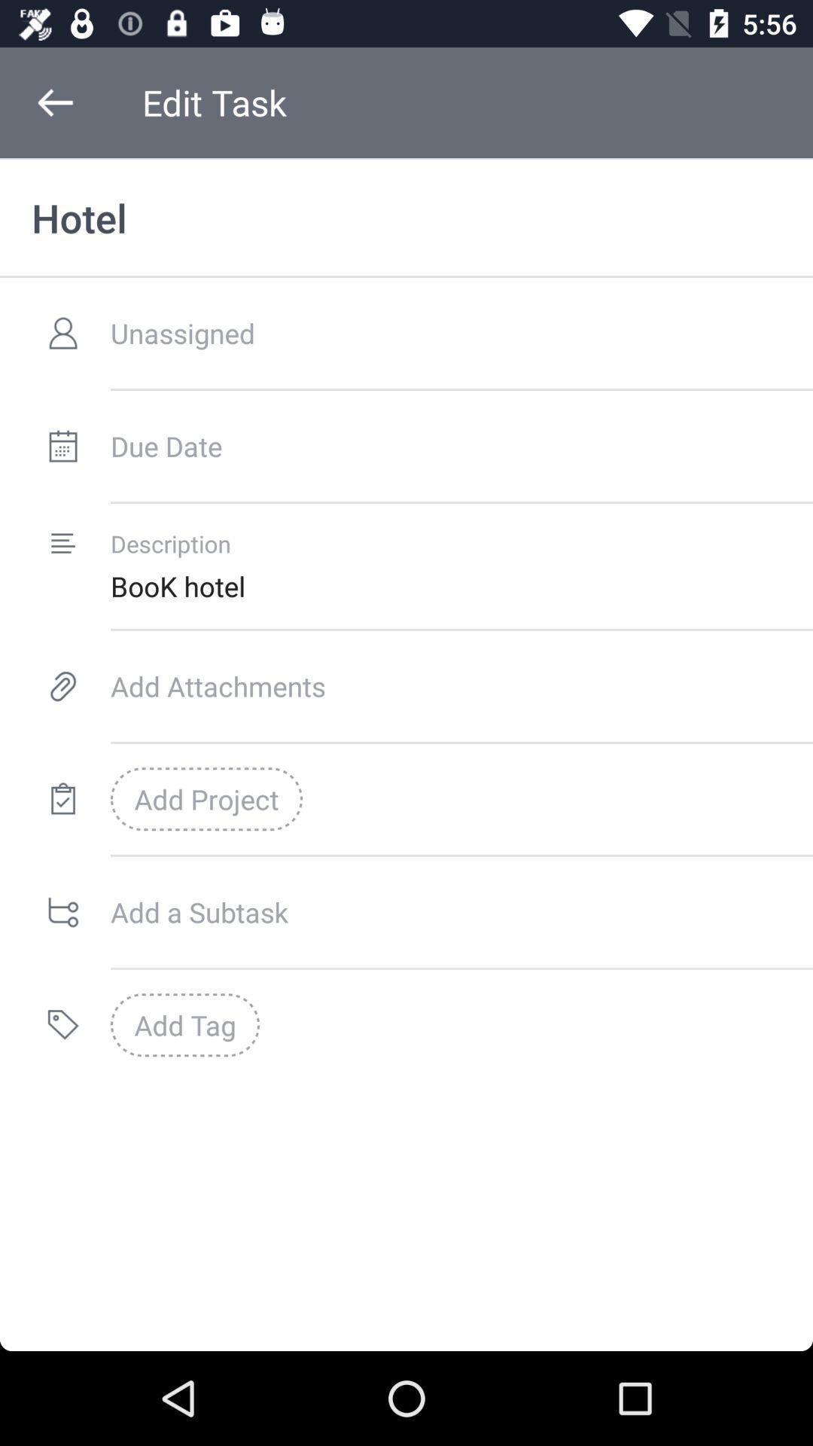 The height and width of the screenshot is (1446, 813). Describe the element at coordinates (461, 911) in the screenshot. I see `subtask` at that location.